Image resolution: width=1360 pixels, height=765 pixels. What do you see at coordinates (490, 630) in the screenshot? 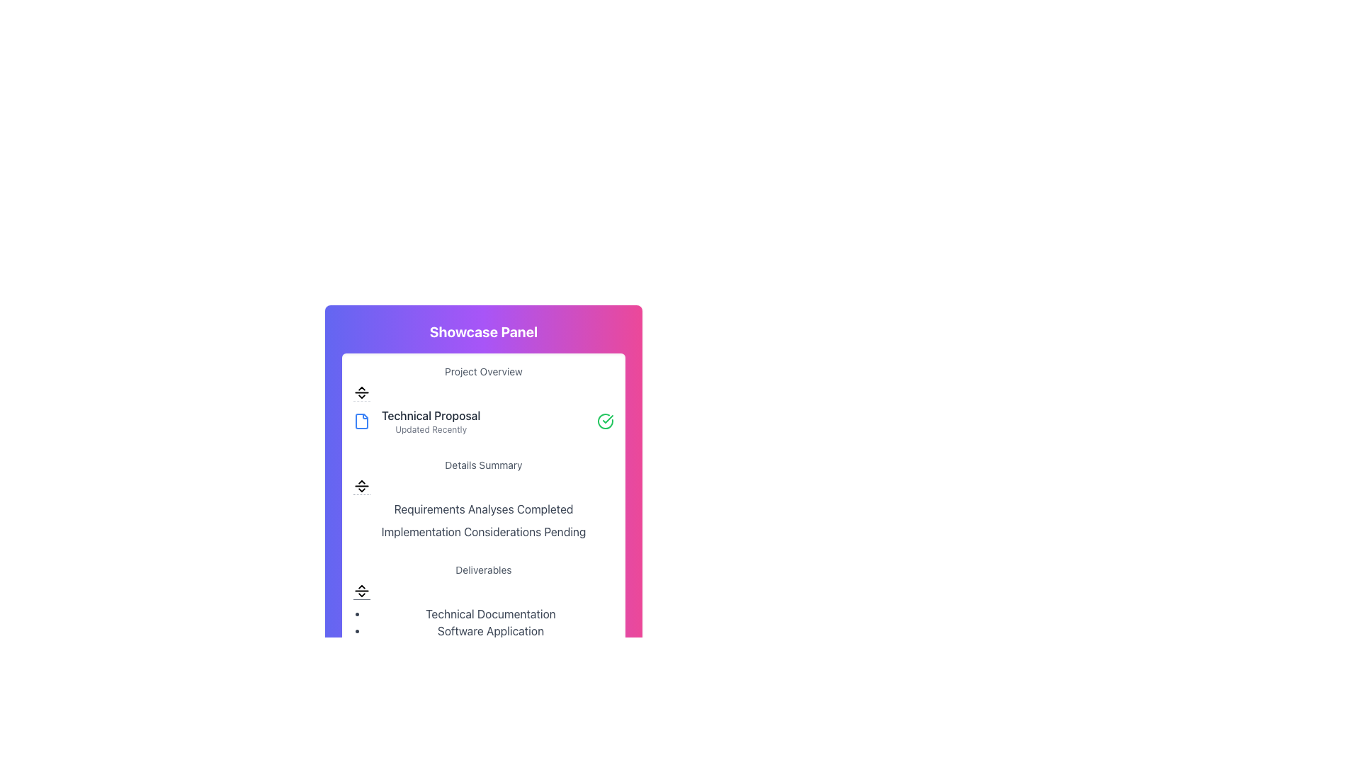
I see `the second item in the bulleted list labeled 'Deliverables', which acts as a label for related content, positioned between 'Technical Documentation' and 'User Training Material'` at bounding box center [490, 630].